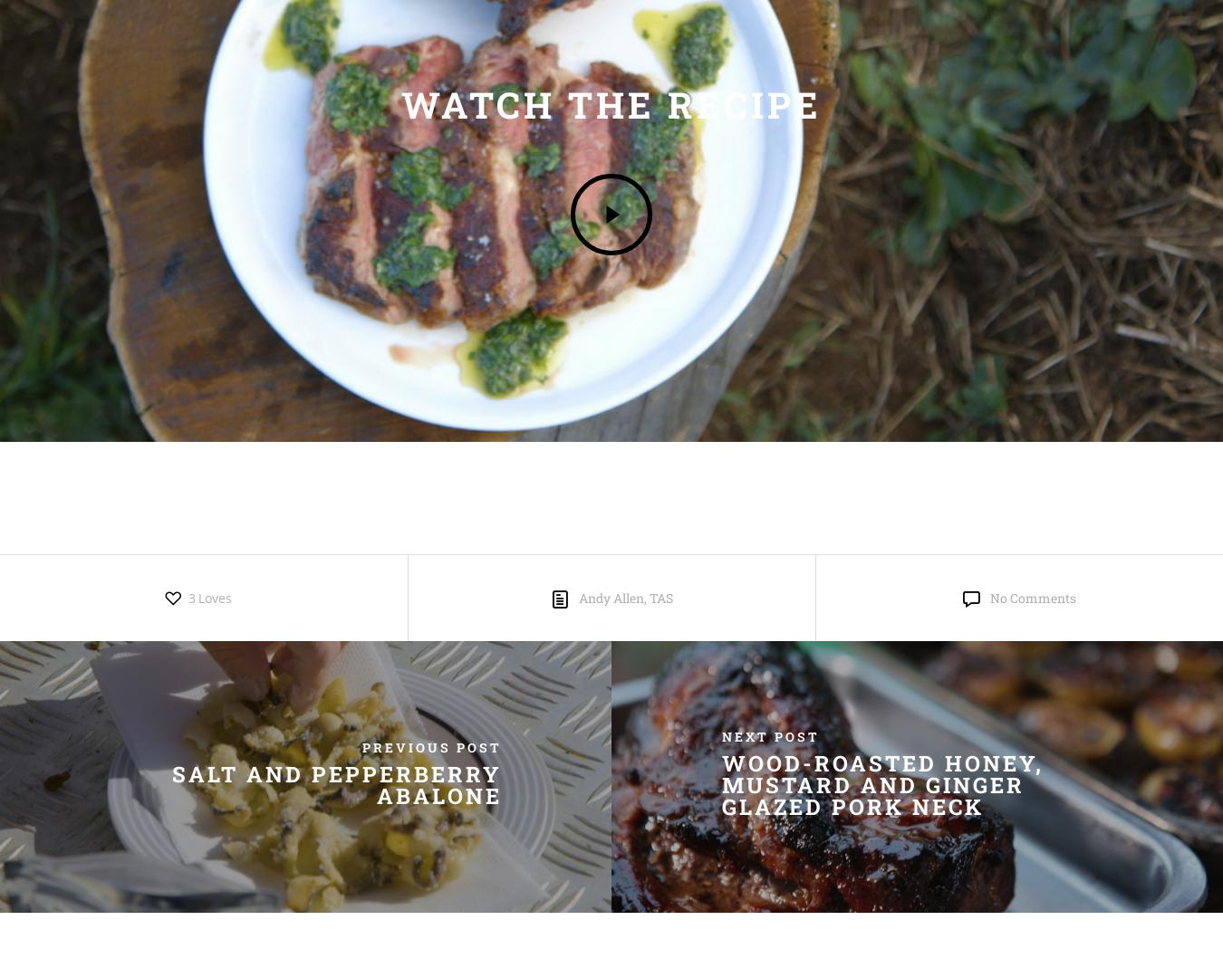 The width and height of the screenshot is (1223, 968). I want to click on 'Previous Post', so click(430, 746).